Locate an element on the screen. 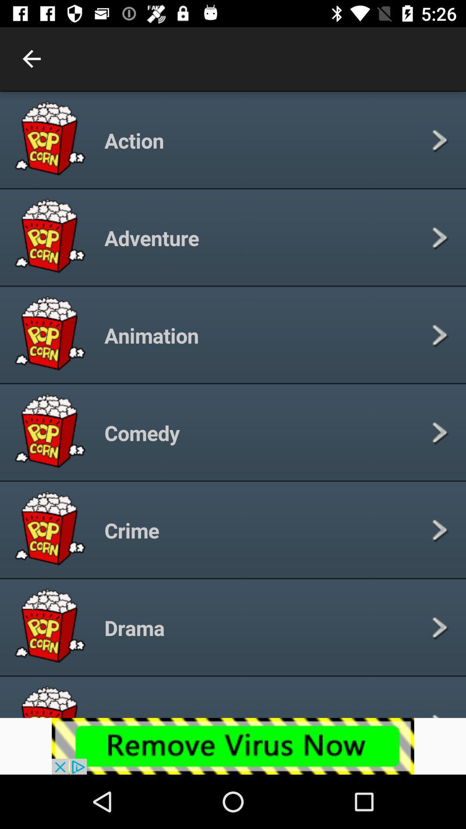 This screenshot has height=829, width=466. the add is located at coordinates (233, 746).